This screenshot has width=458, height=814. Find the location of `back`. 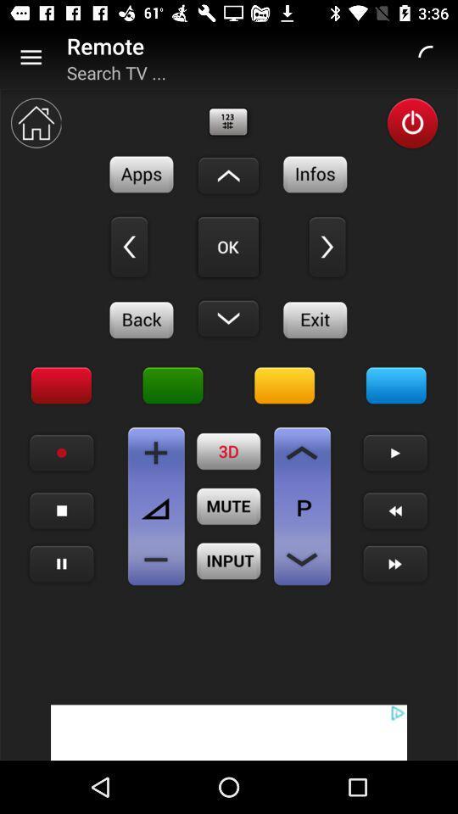

back is located at coordinates (141, 319).